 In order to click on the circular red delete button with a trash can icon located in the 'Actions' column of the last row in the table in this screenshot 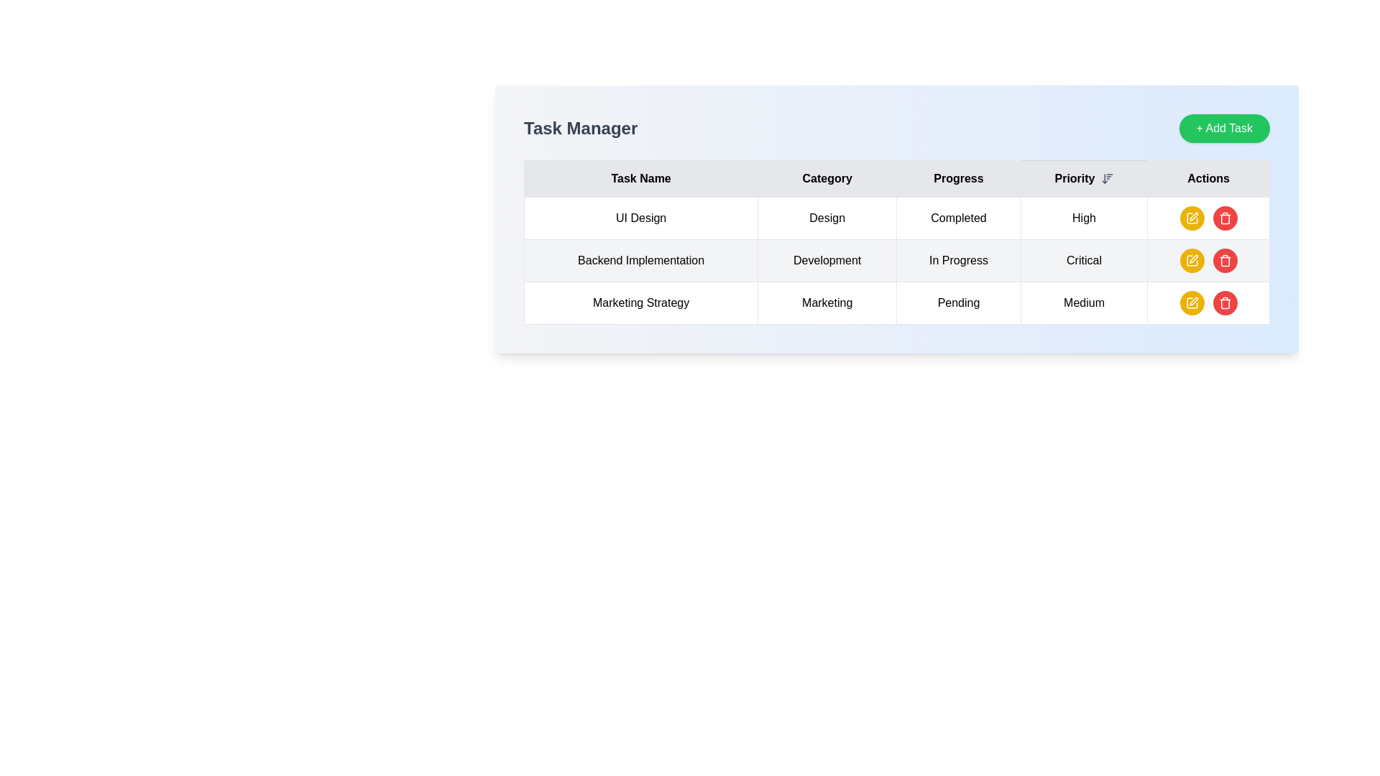, I will do `click(1224, 302)`.